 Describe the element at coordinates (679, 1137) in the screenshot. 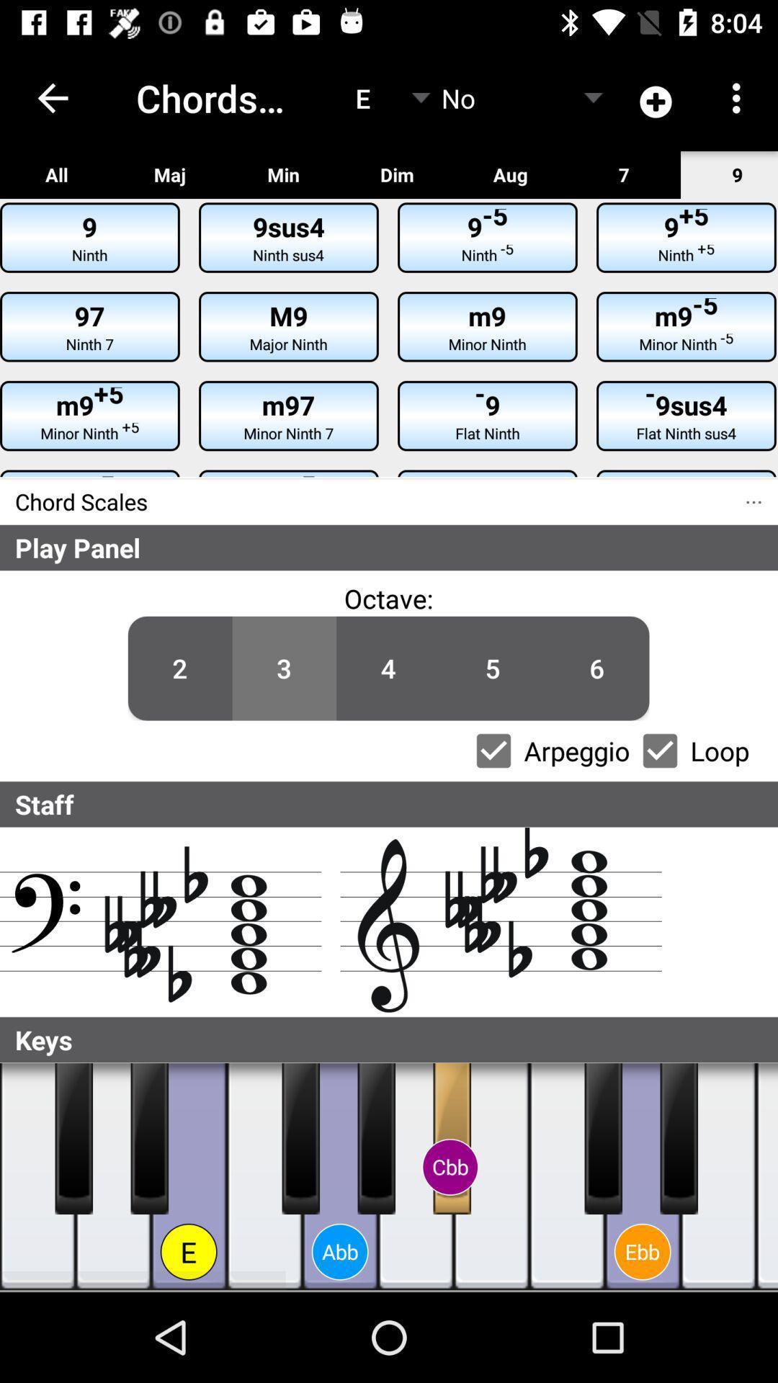

I see `note` at that location.